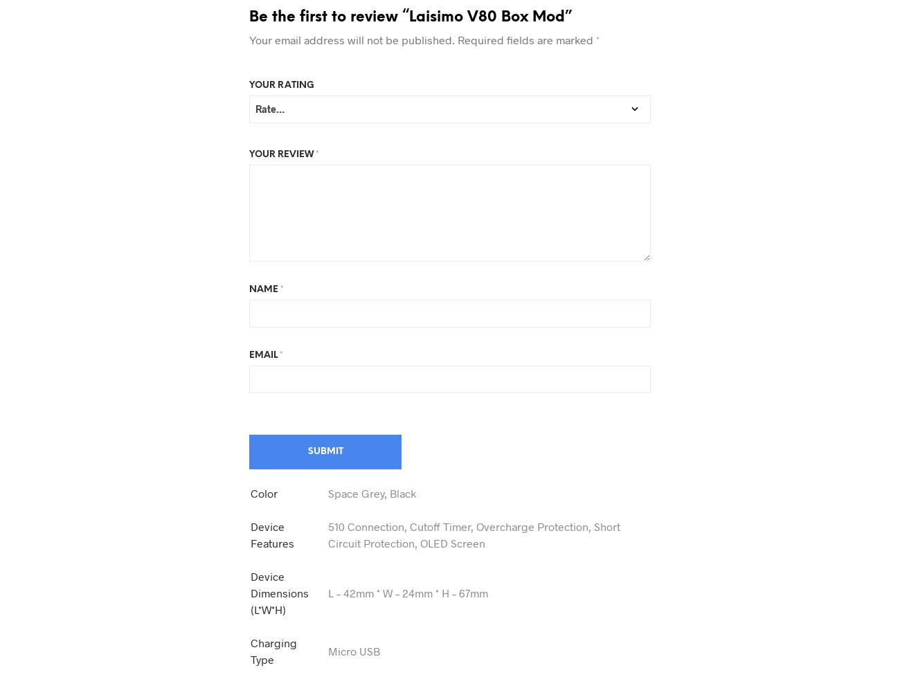  I want to click on 'Your rating', so click(282, 84).